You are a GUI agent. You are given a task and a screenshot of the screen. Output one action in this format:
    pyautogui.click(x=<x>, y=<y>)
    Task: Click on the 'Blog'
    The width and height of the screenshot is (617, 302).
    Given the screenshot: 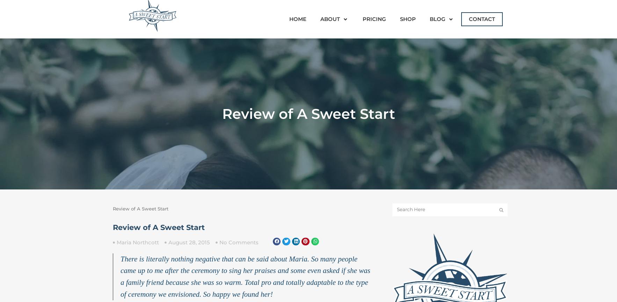 What is the action you would take?
    pyautogui.click(x=437, y=19)
    